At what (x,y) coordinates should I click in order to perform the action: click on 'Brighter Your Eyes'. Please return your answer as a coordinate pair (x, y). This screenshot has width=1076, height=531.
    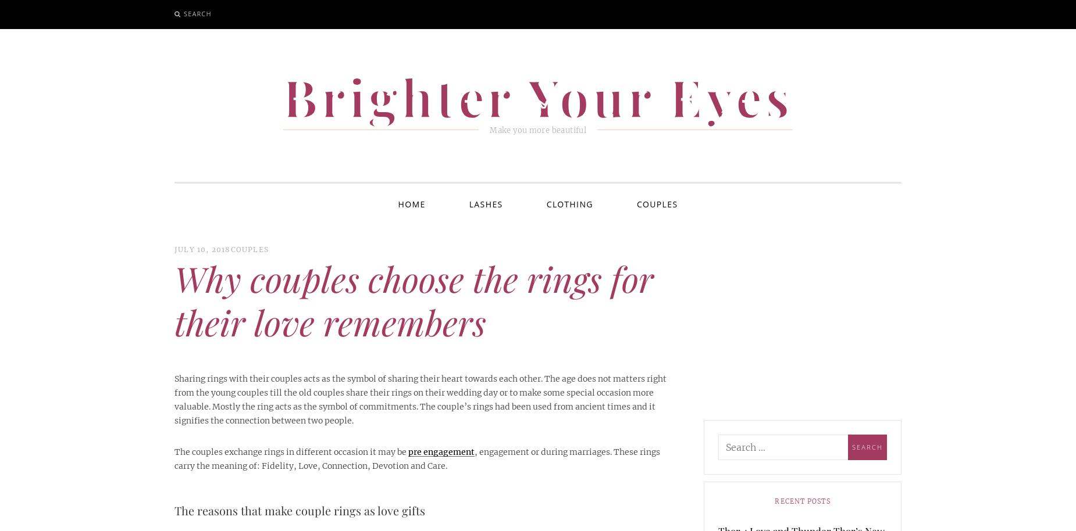
    Looking at the image, I should click on (282, 95).